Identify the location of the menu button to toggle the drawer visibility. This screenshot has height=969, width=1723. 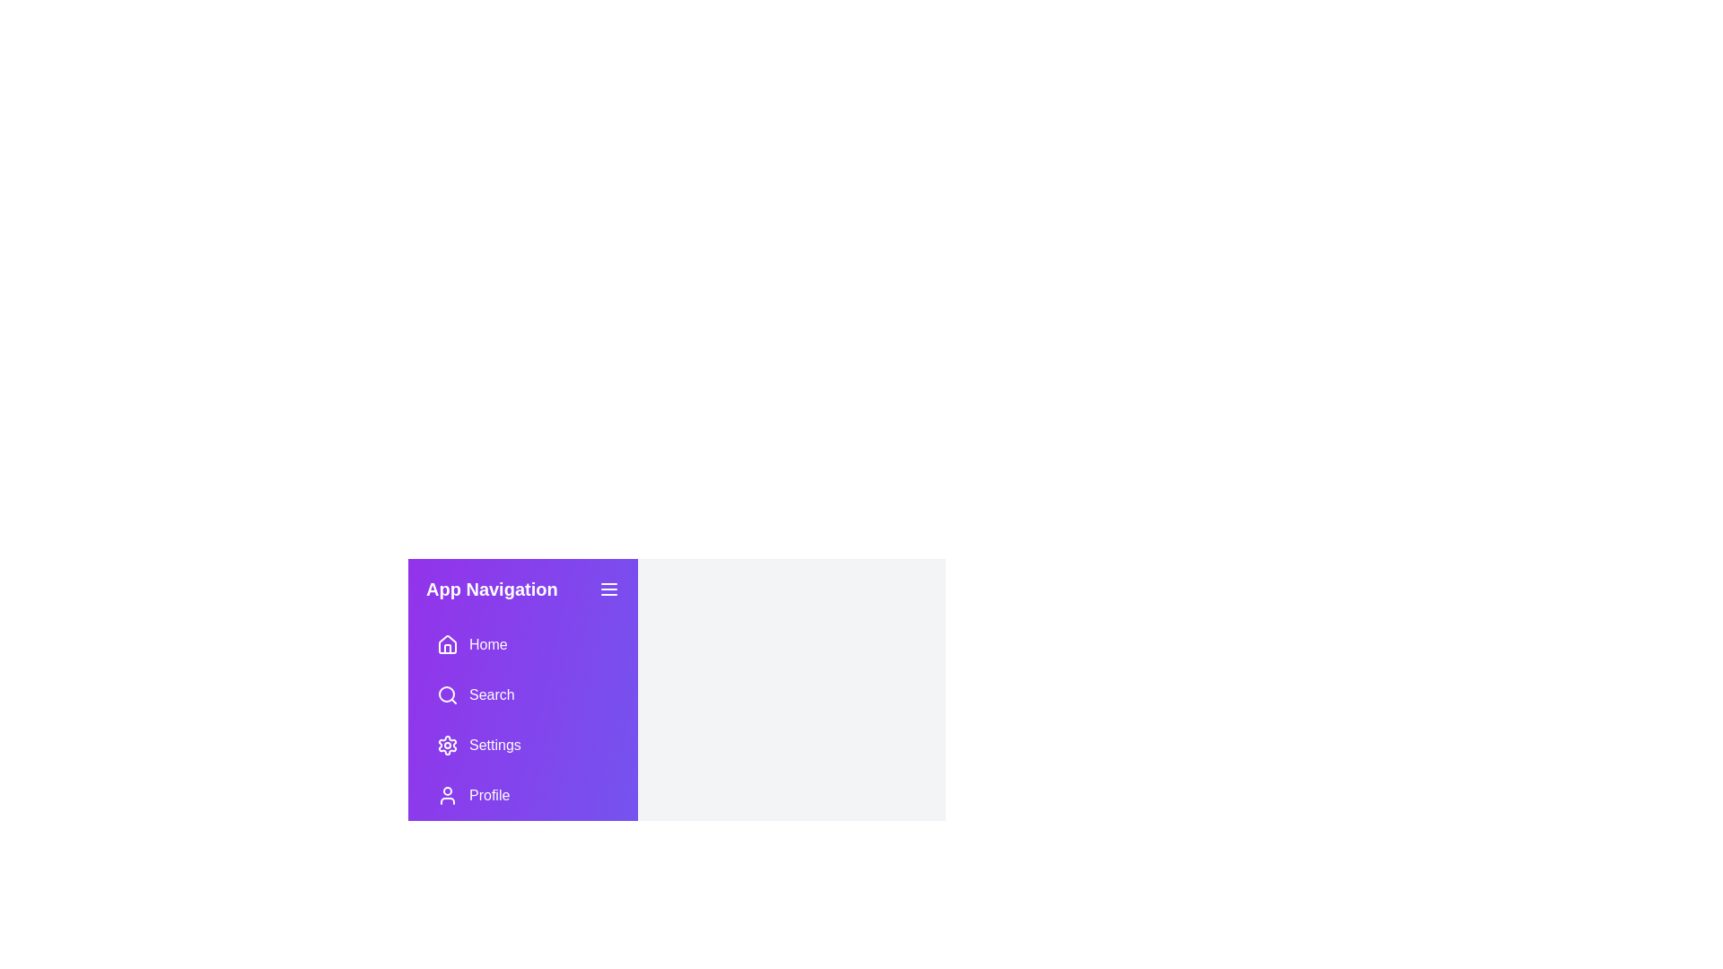
(608, 589).